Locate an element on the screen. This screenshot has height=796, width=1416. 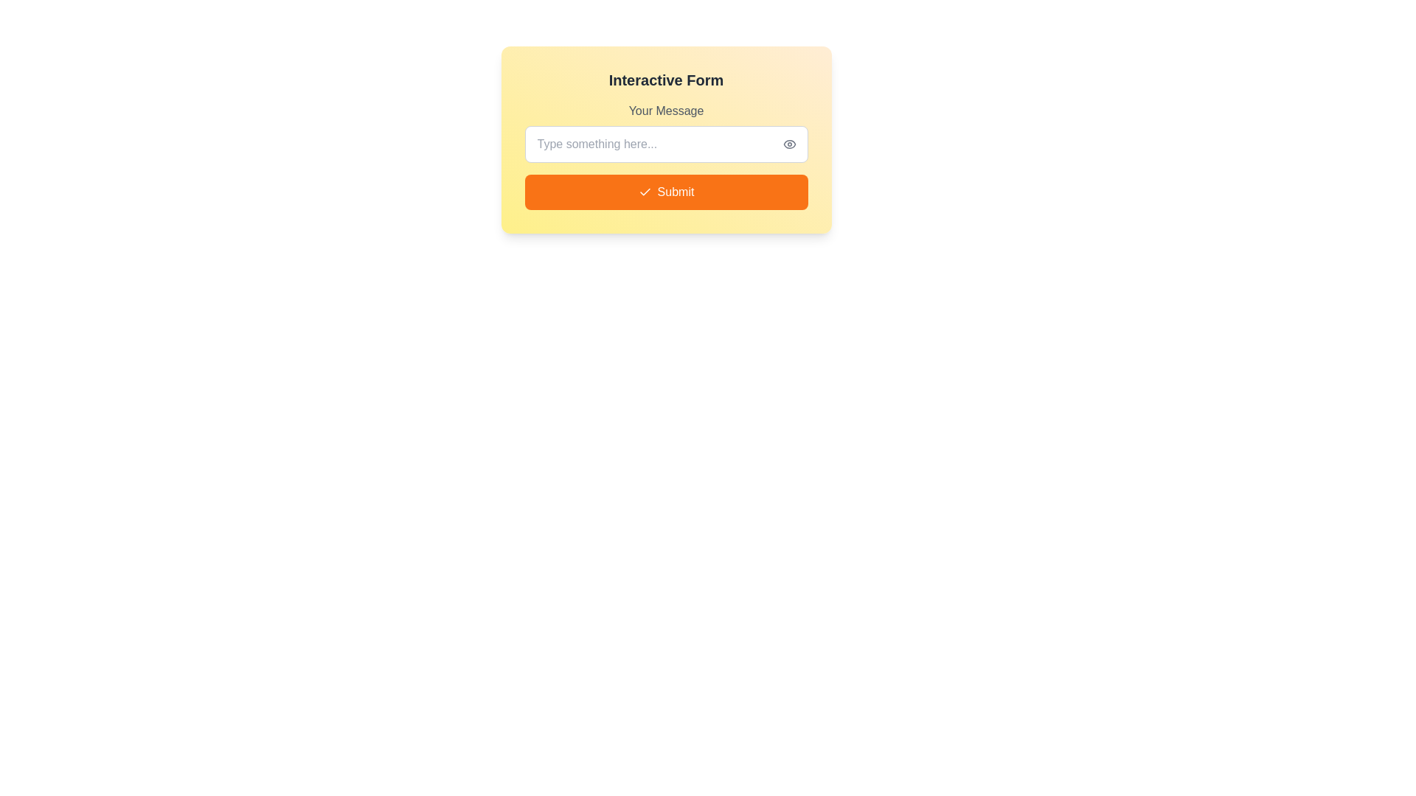
the text input field labeled 'Your Message' to focus it for typing is located at coordinates (665, 133).